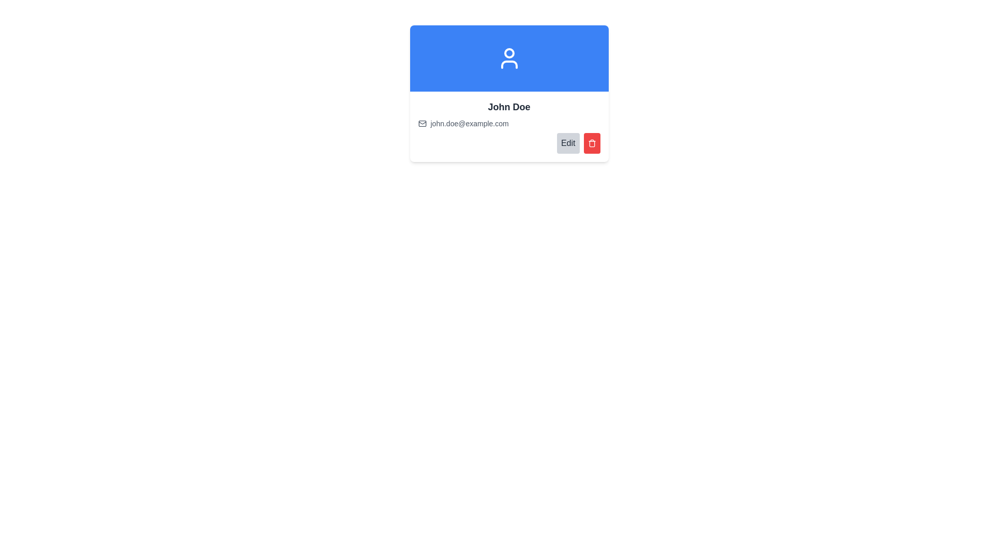 The height and width of the screenshot is (559, 993). I want to click on the delete button located at the bottom-right corner of the user information card to observe the hover effect, so click(592, 143).